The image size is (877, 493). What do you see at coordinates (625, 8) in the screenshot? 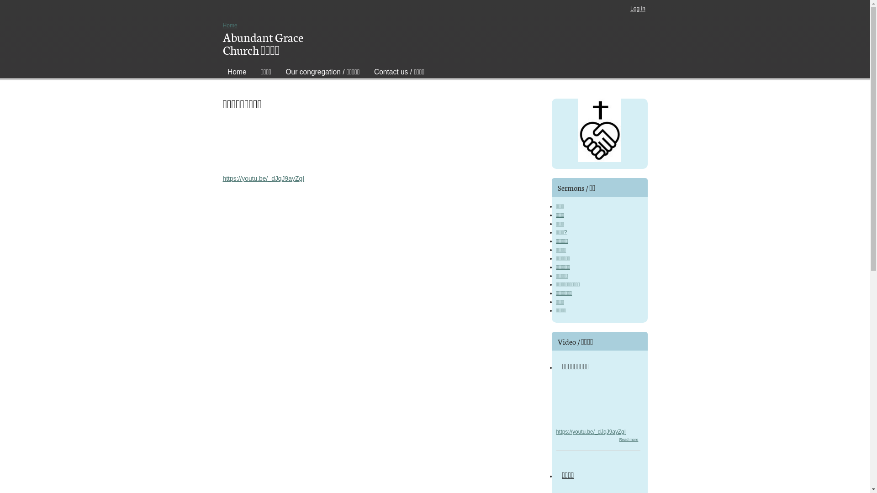
I see `'Log in'` at bounding box center [625, 8].